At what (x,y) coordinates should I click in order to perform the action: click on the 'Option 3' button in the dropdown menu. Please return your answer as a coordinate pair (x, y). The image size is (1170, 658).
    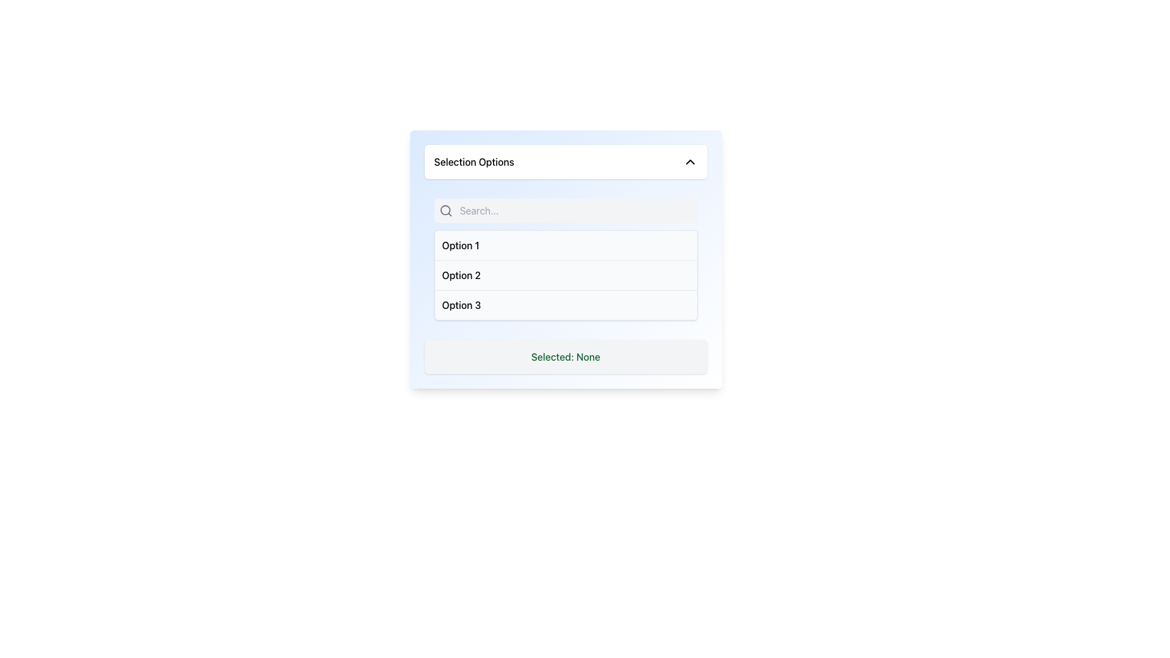
    Looking at the image, I should click on (565, 304).